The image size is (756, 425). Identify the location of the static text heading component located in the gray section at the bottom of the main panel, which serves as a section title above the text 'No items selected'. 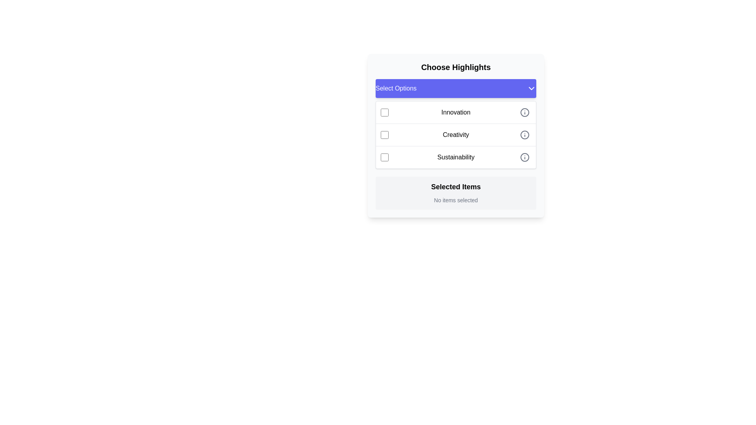
(456, 187).